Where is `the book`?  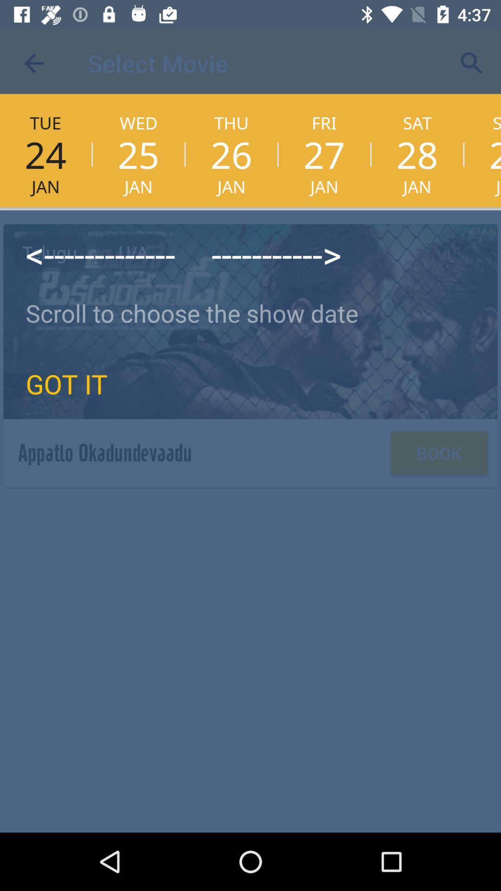
the book is located at coordinates (438, 453).